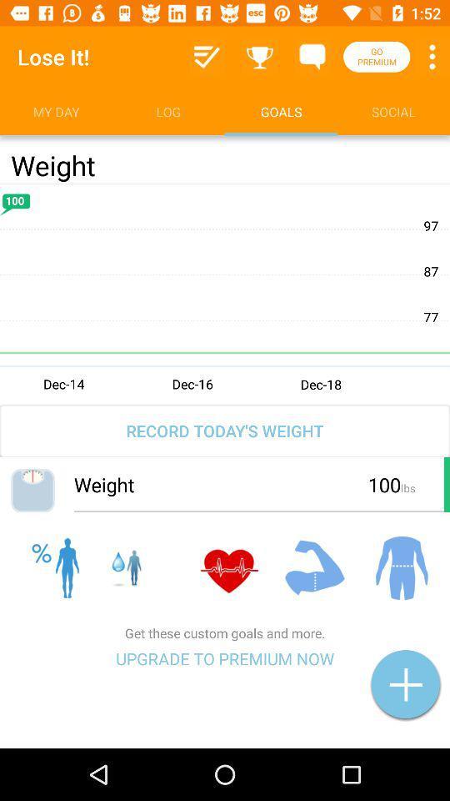 This screenshot has height=801, width=450. What do you see at coordinates (225, 293) in the screenshot?
I see `edit graph` at bounding box center [225, 293].